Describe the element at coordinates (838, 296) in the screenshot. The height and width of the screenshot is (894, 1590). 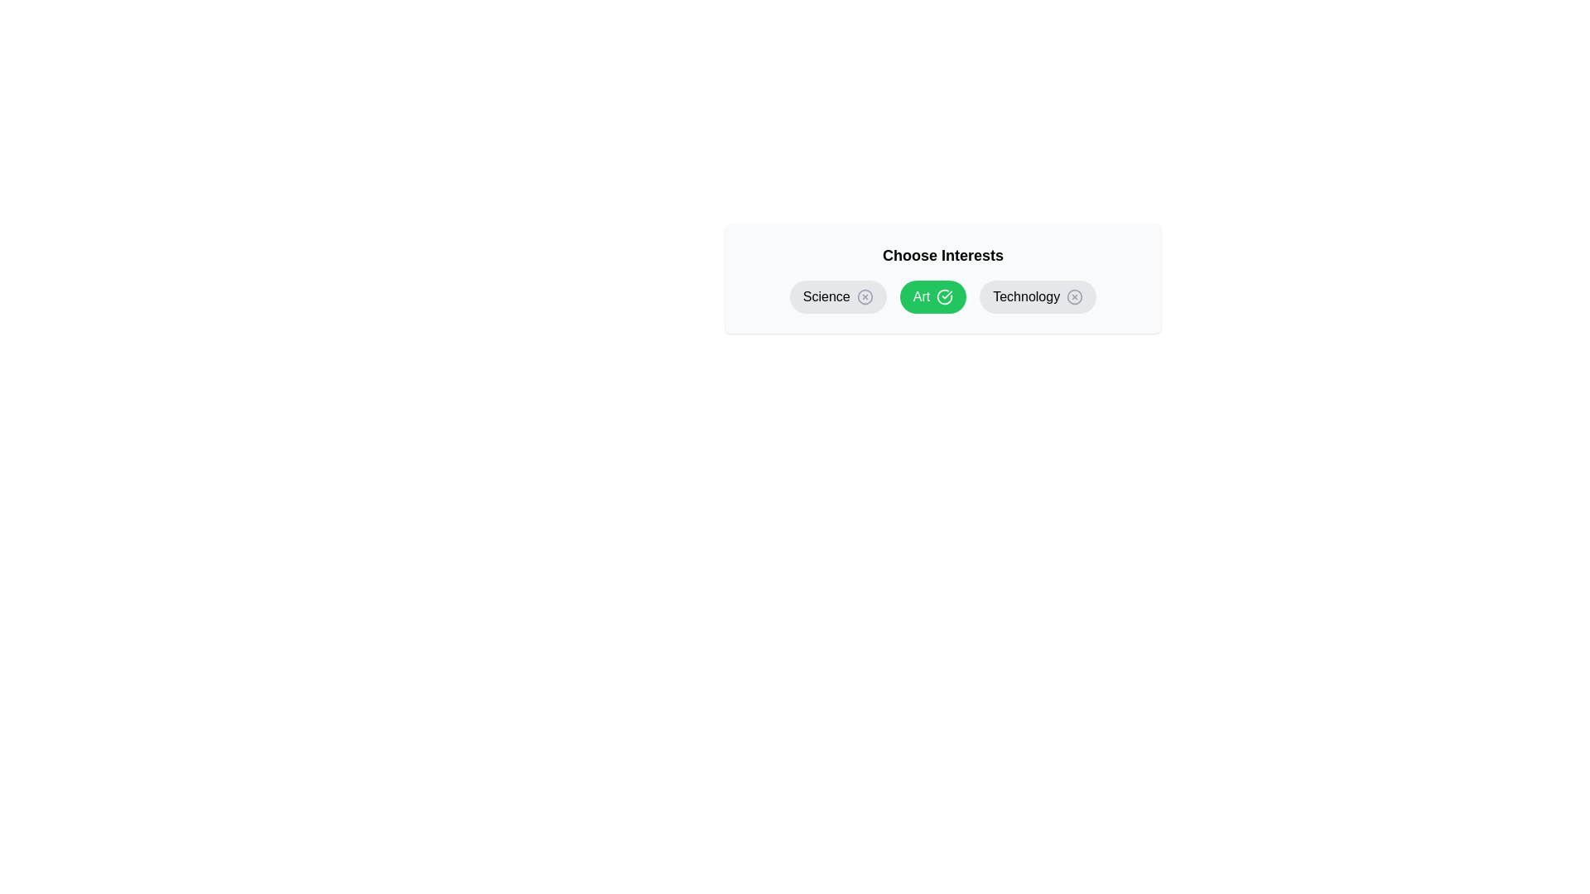
I see `the chip labeled Science` at that location.